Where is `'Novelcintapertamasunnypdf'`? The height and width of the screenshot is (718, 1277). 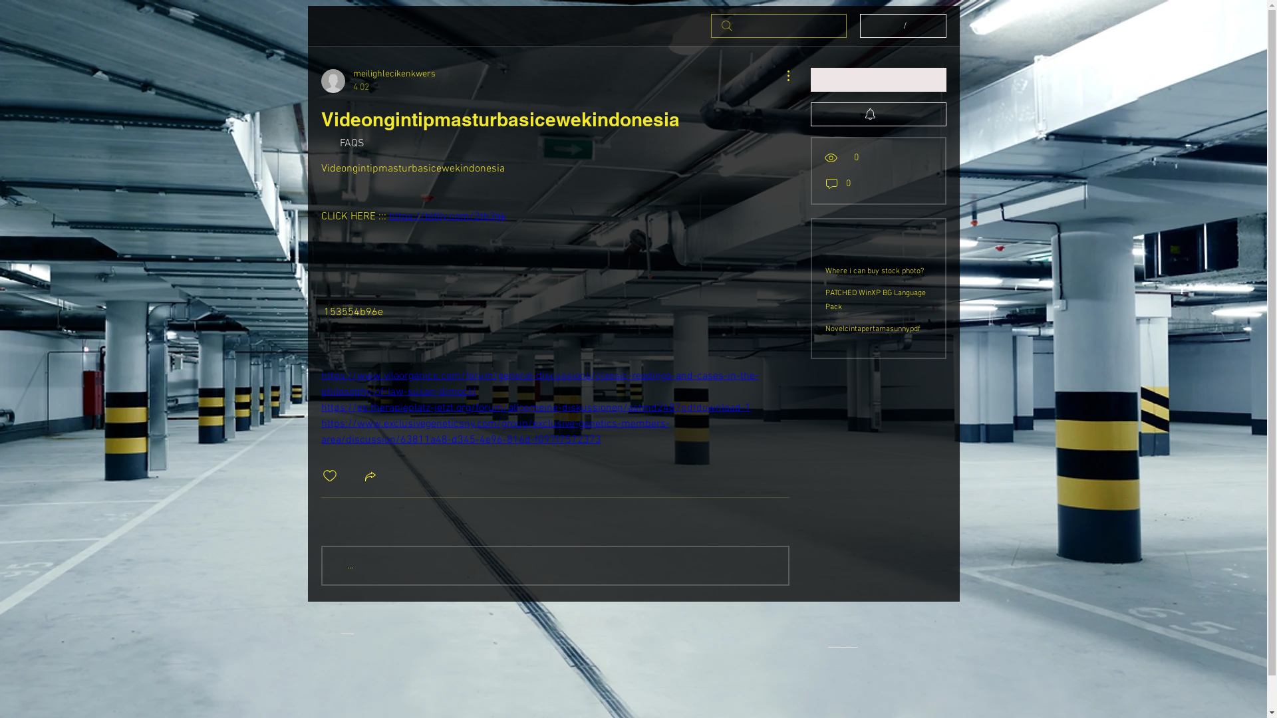
'Novelcintapertamasunnypdf' is located at coordinates (872, 328).